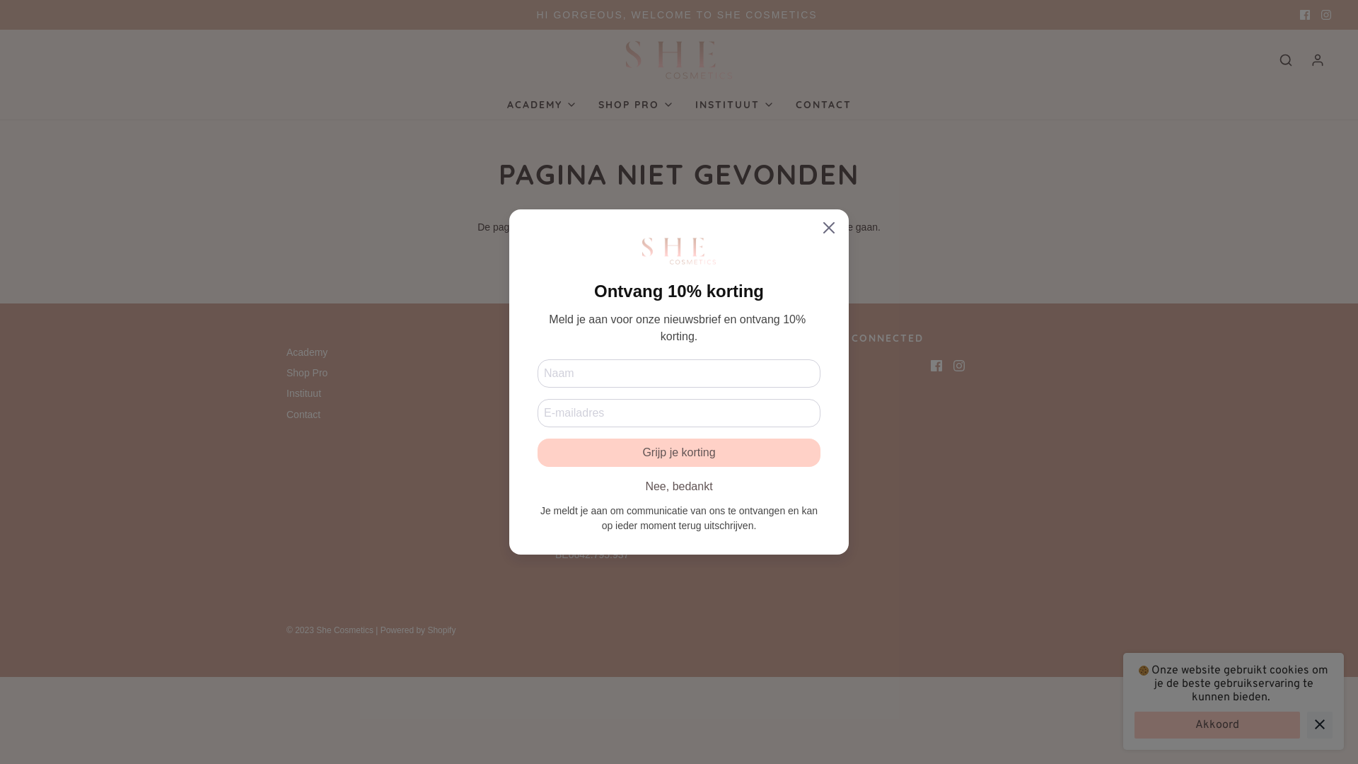 Image resolution: width=1358 pixels, height=764 pixels. I want to click on 'Zoek', so click(1286, 59).